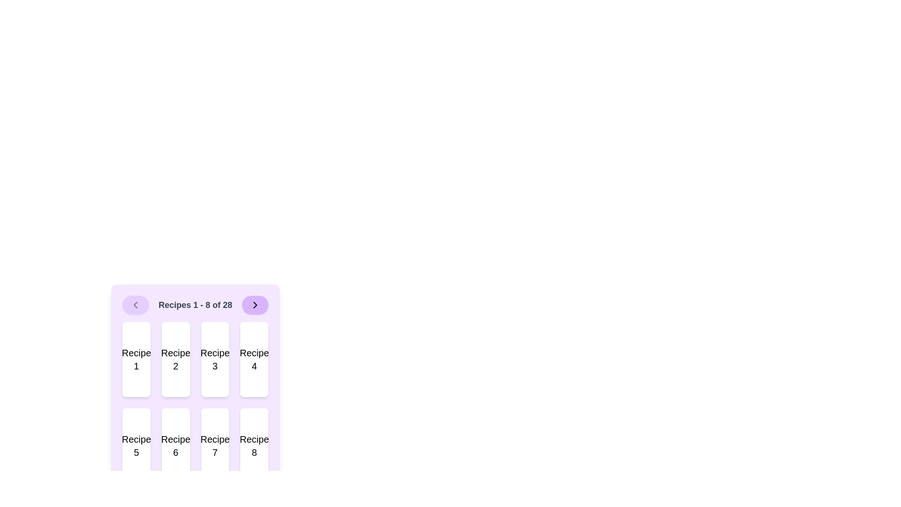 This screenshot has width=901, height=507. What do you see at coordinates (176, 359) in the screenshot?
I see `the white rectangular box with rounded corners containing the text 'Recipe 2'` at bounding box center [176, 359].